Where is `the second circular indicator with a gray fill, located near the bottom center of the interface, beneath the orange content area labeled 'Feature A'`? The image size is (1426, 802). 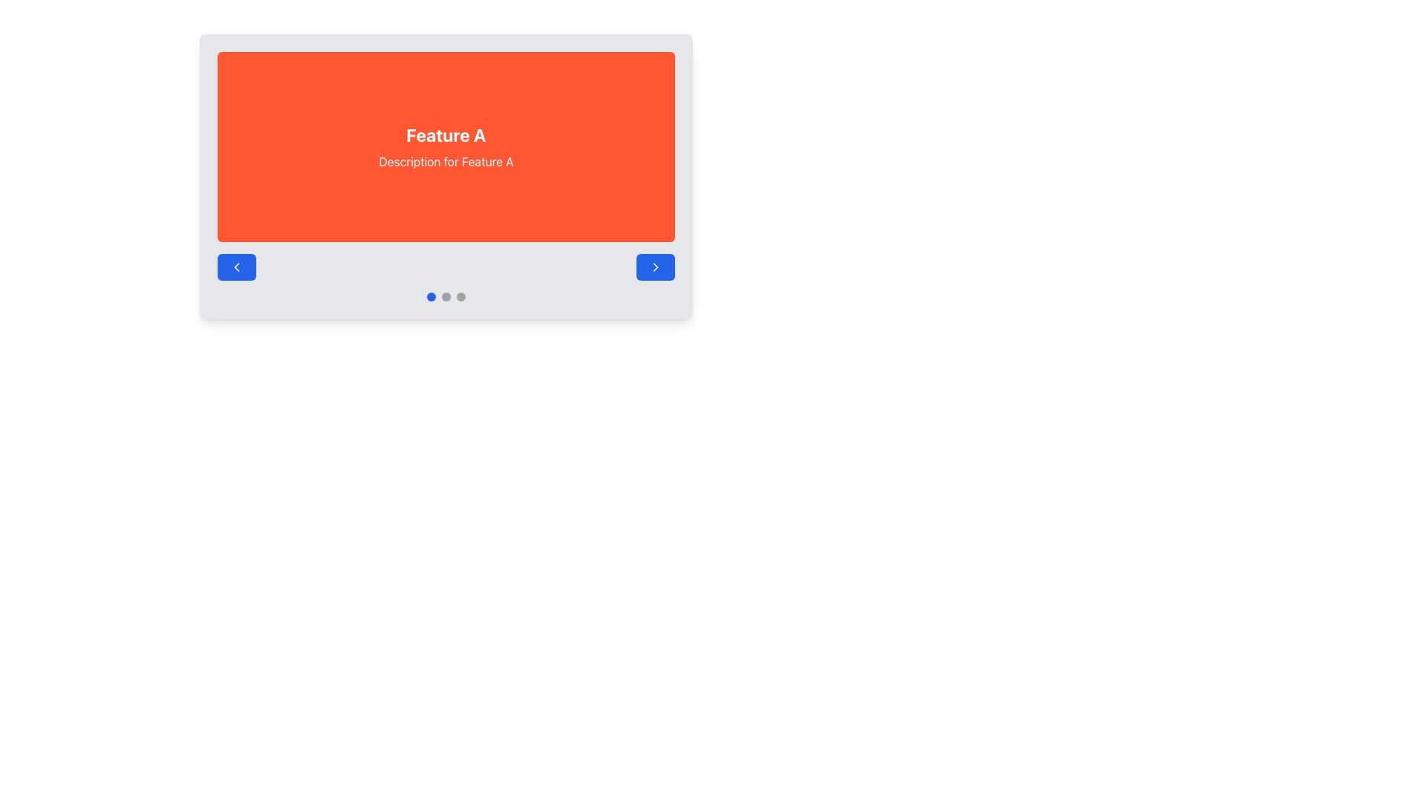
the second circular indicator with a gray fill, located near the bottom center of the interface, beneath the orange content area labeled 'Feature A' is located at coordinates (445, 297).